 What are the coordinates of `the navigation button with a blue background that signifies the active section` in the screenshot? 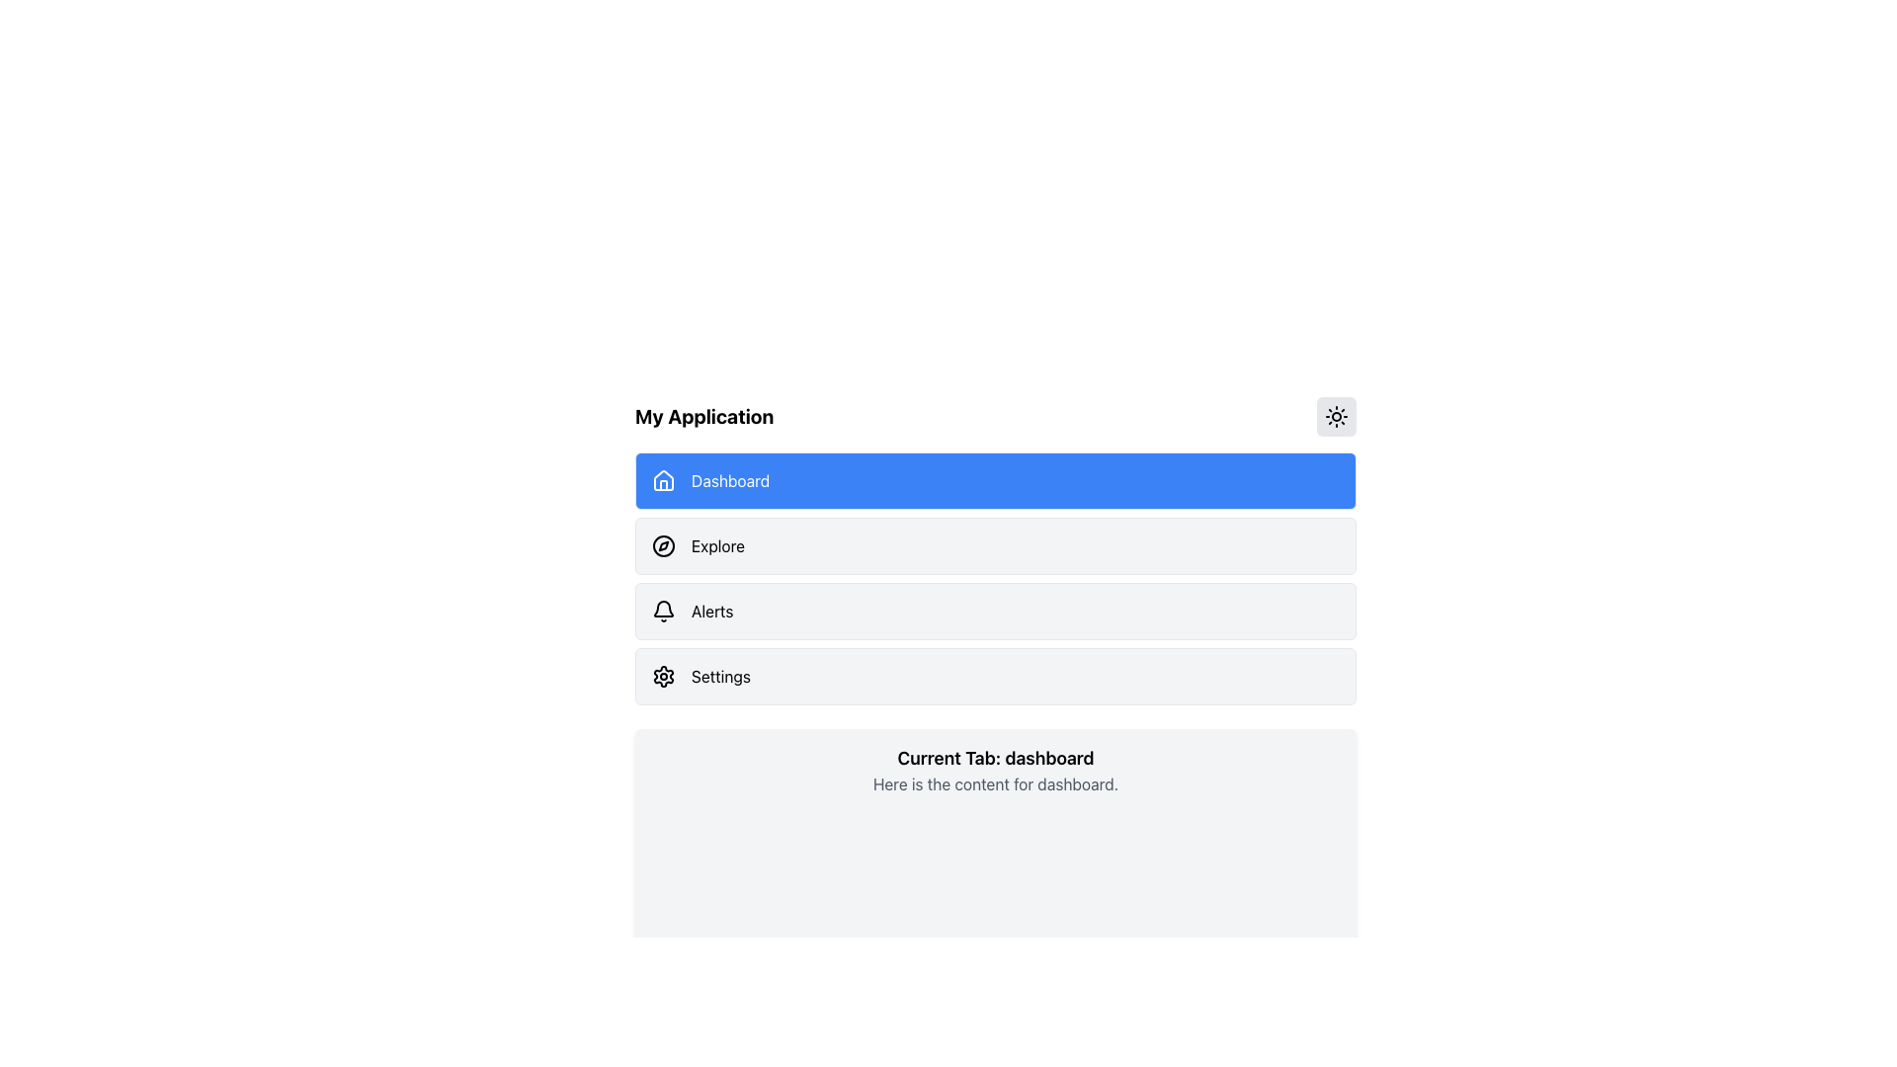 It's located at (996, 480).